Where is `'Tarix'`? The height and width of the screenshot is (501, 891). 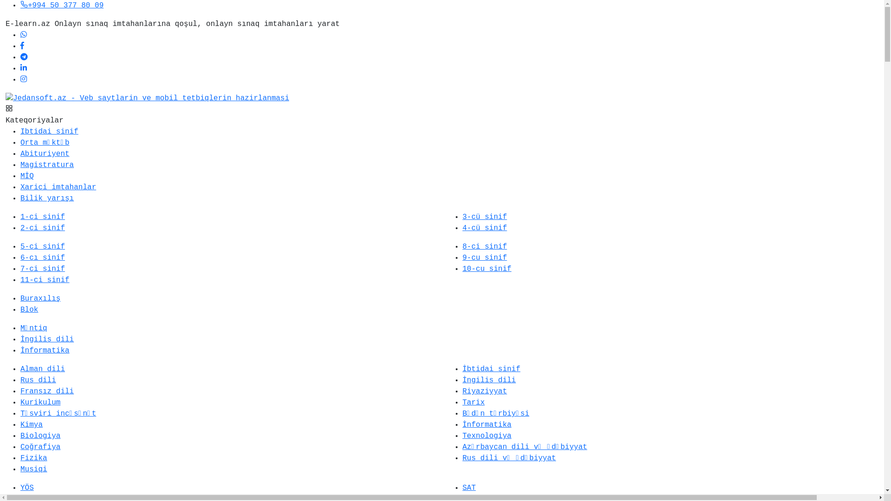
'Tarix' is located at coordinates (462, 402).